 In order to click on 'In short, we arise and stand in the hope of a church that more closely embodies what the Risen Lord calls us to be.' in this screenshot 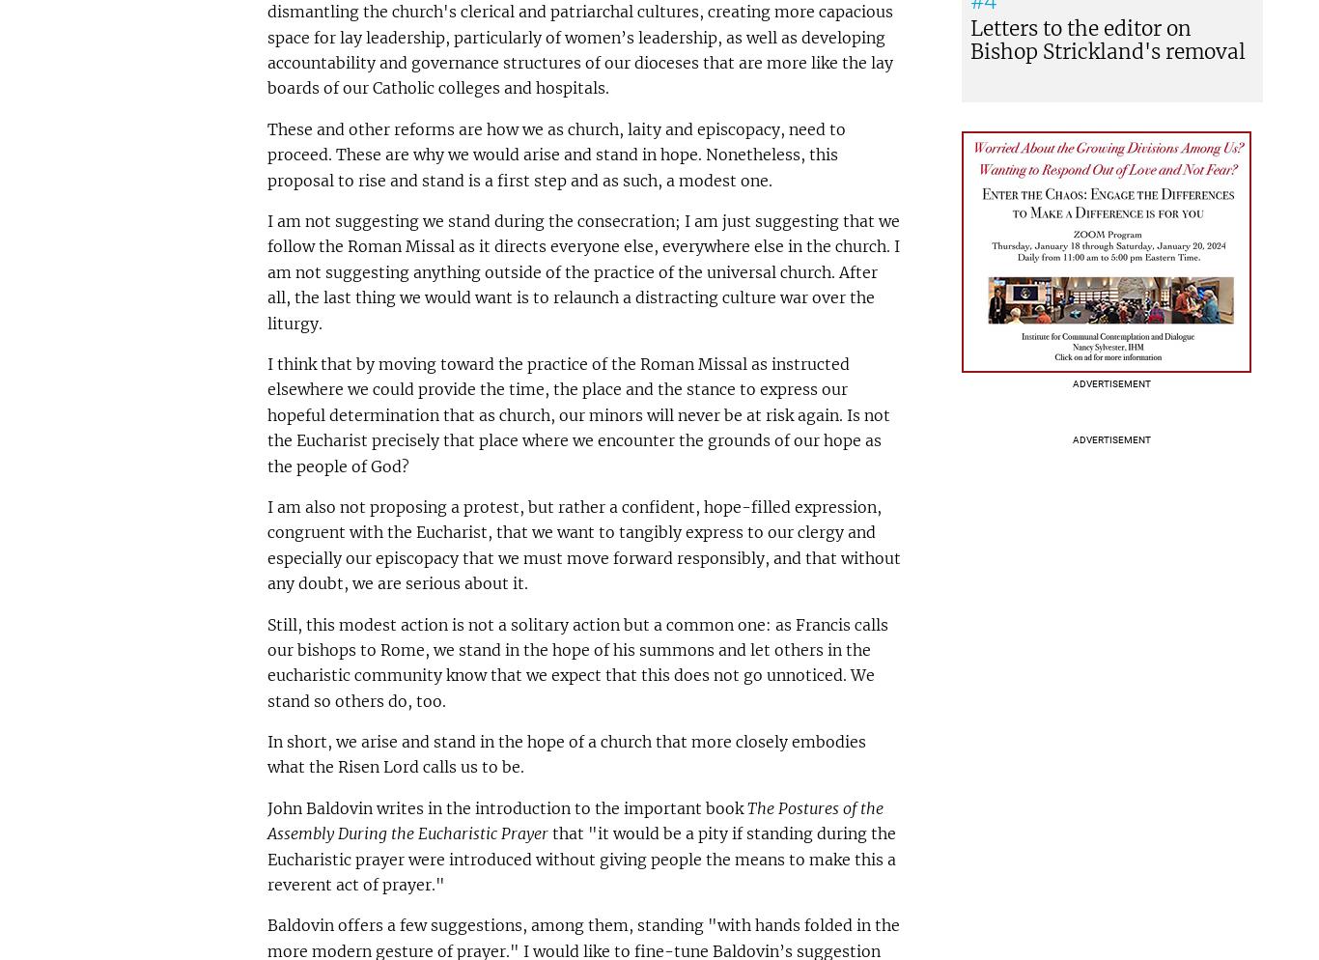, I will do `click(565, 752)`.